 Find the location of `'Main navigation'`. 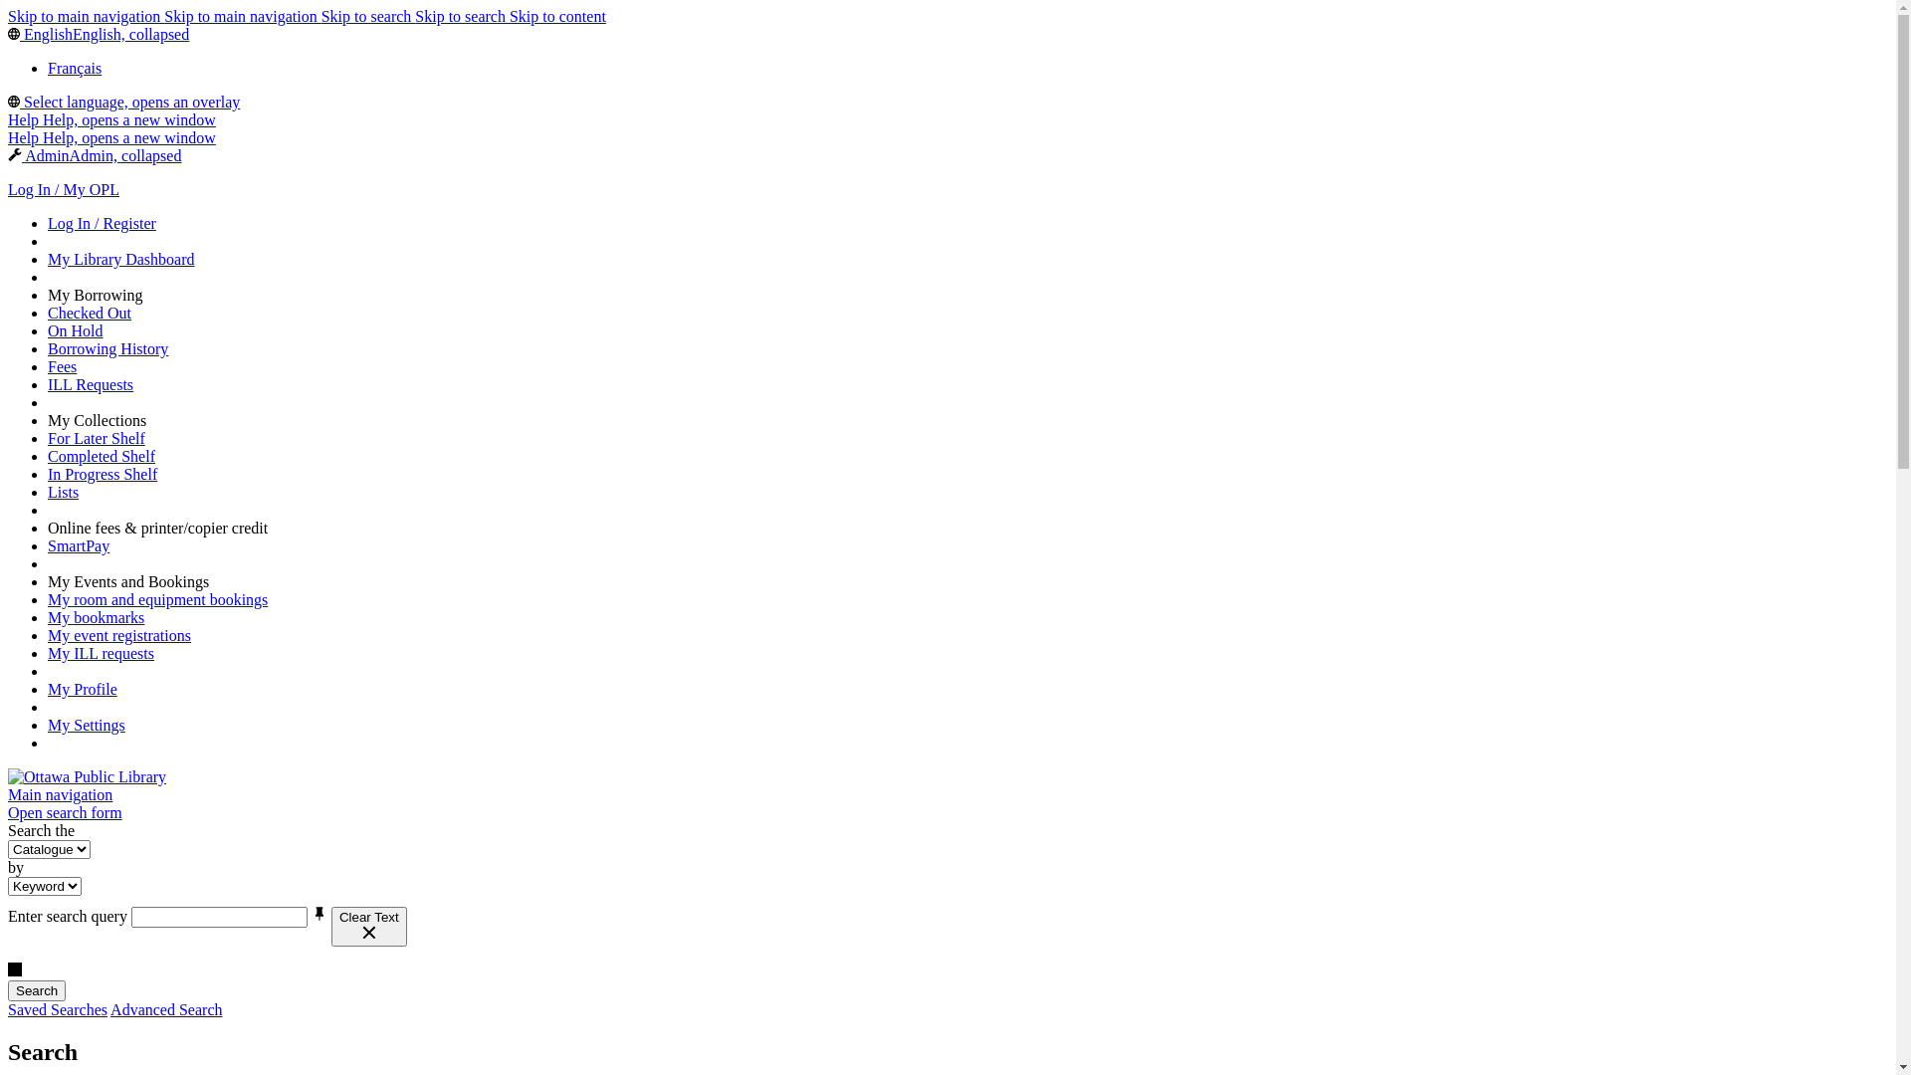

'Main navigation' is located at coordinates (60, 793).